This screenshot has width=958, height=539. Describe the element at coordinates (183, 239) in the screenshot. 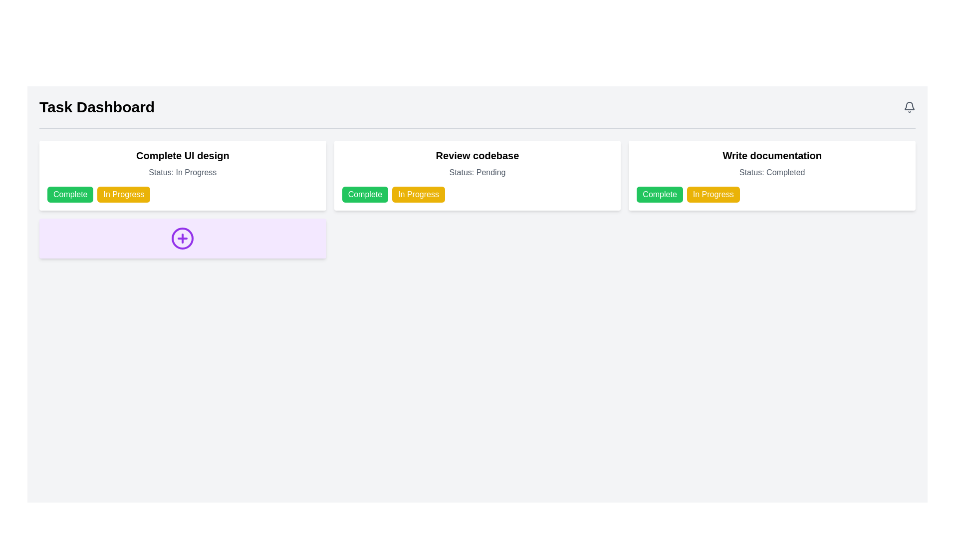

I see `the circular button with a purple border and a plus sign in the center` at that location.